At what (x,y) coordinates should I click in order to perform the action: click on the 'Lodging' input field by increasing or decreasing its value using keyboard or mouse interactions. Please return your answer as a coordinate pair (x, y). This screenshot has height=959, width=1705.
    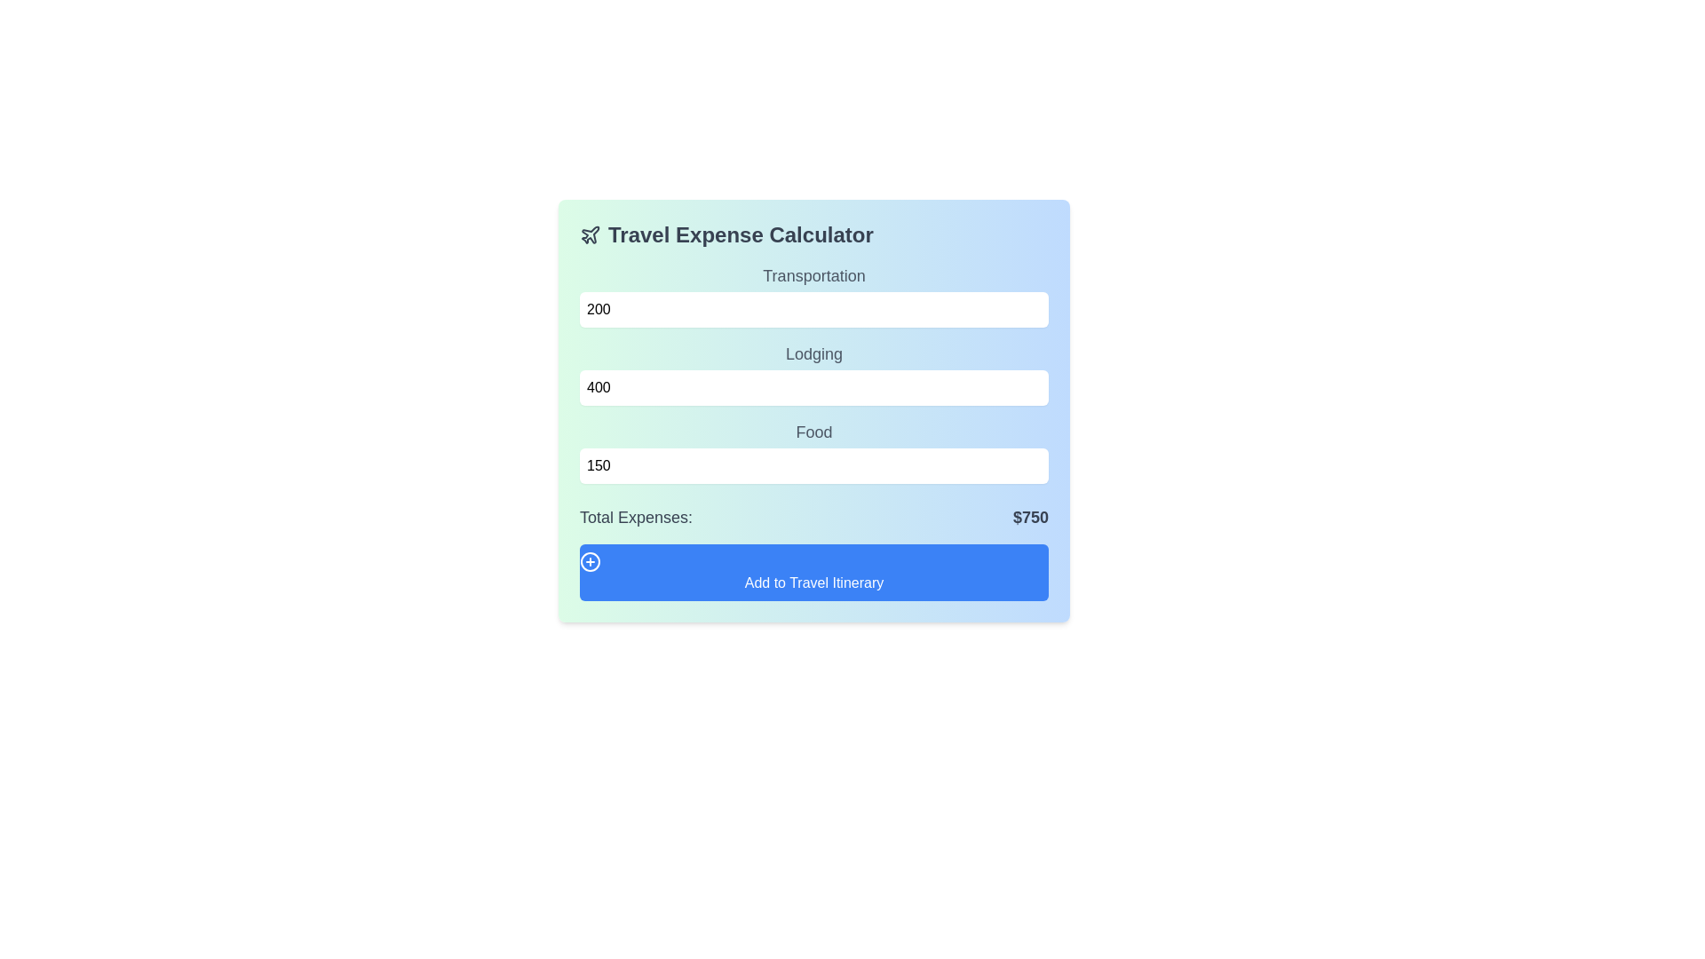
    Looking at the image, I should click on (813, 372).